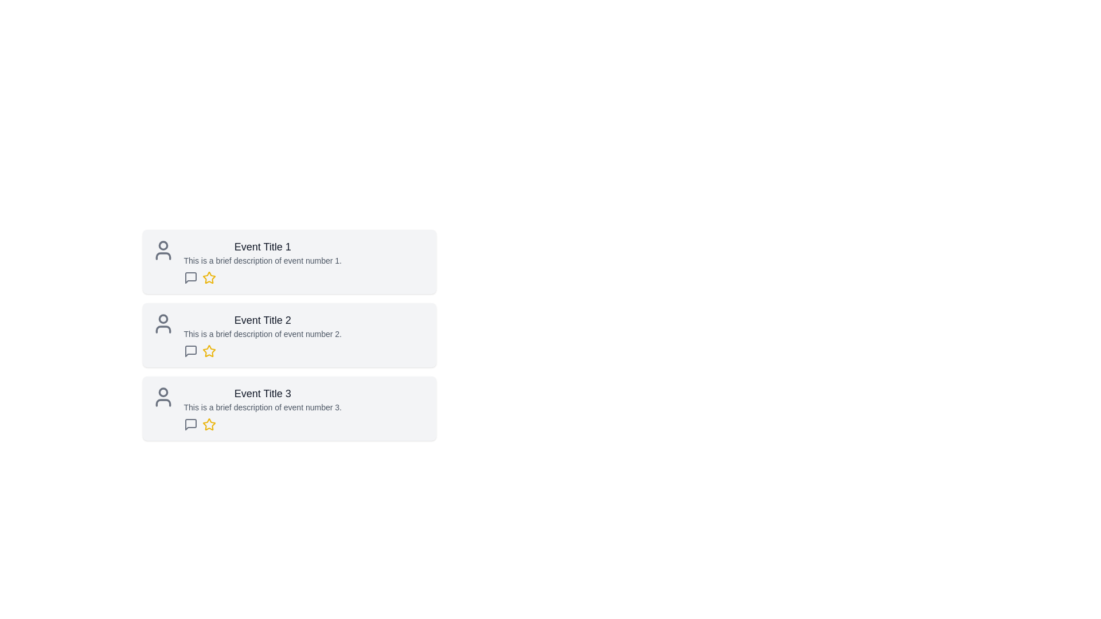 This screenshot has height=619, width=1101. I want to click on the comment icon located in the second event listing block, just below the event title and aligned with the star icon, so click(190, 351).